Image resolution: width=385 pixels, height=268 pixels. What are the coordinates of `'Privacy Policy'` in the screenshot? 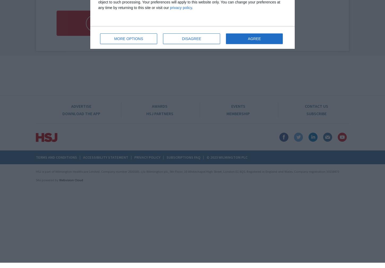 It's located at (147, 157).